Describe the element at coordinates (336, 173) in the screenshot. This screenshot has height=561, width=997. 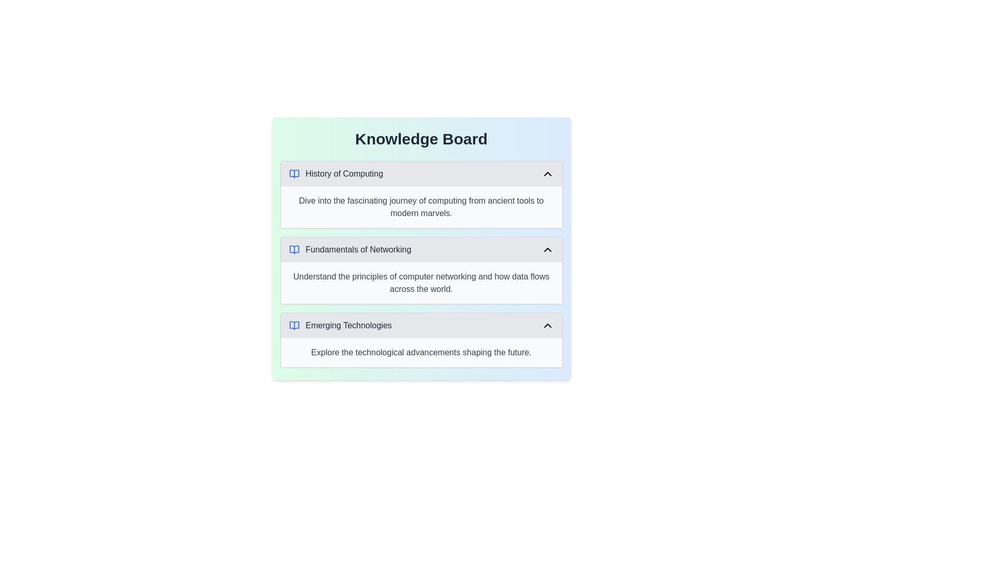
I see `the 'History of Computing' label with a book icon, located at the top of the 'Knowledge Board' section` at that location.